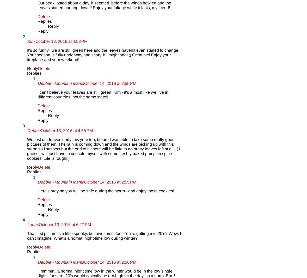 The image size is (307, 278). Describe the element at coordinates (33, 224) in the screenshot. I see `'Laurie'` at that location.